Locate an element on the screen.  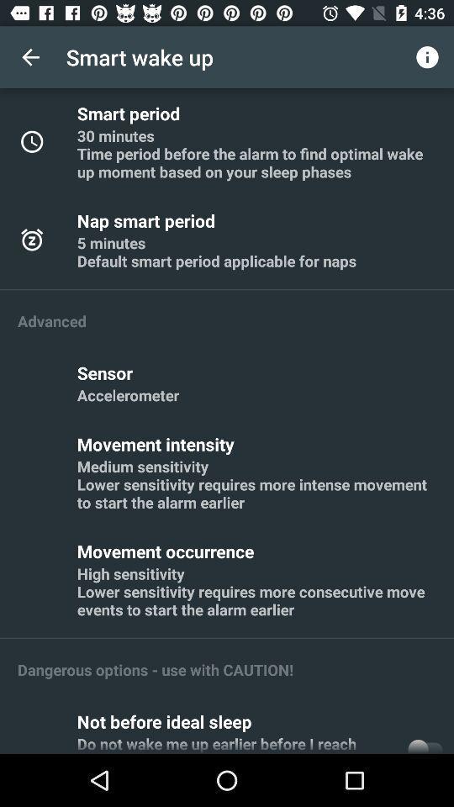
item above high sensitivity lower item is located at coordinates (168, 550).